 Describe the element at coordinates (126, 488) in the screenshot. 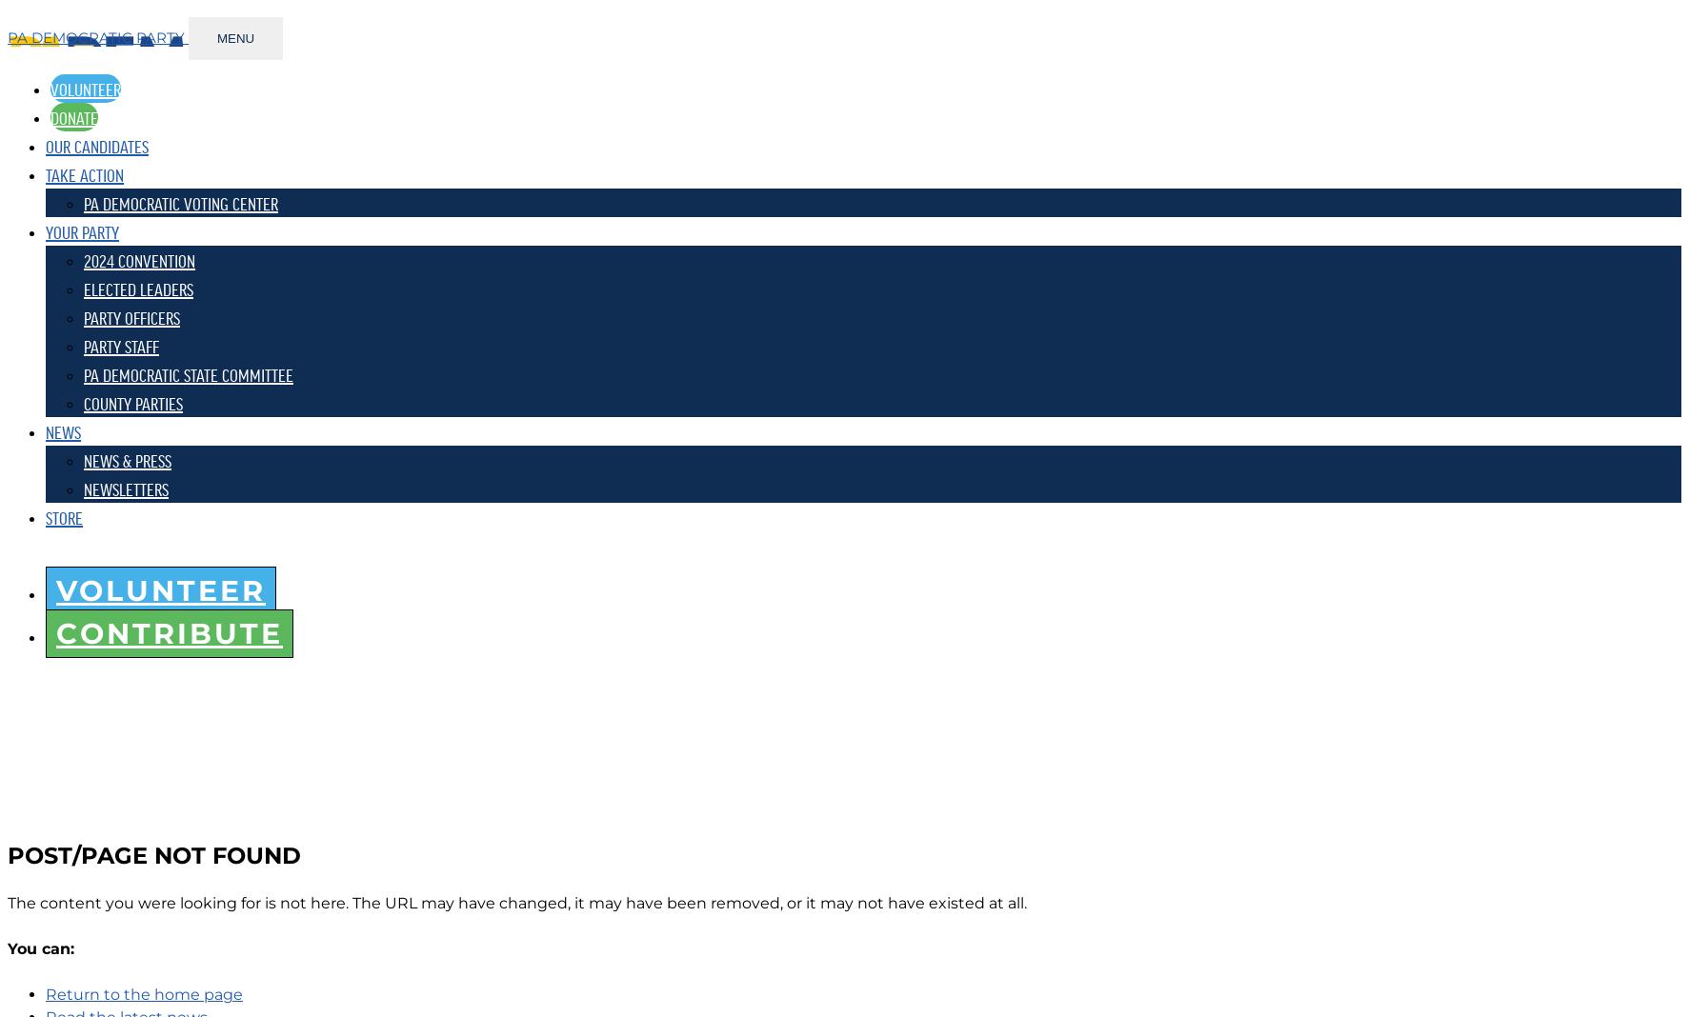

I see `'Newsletters'` at that location.